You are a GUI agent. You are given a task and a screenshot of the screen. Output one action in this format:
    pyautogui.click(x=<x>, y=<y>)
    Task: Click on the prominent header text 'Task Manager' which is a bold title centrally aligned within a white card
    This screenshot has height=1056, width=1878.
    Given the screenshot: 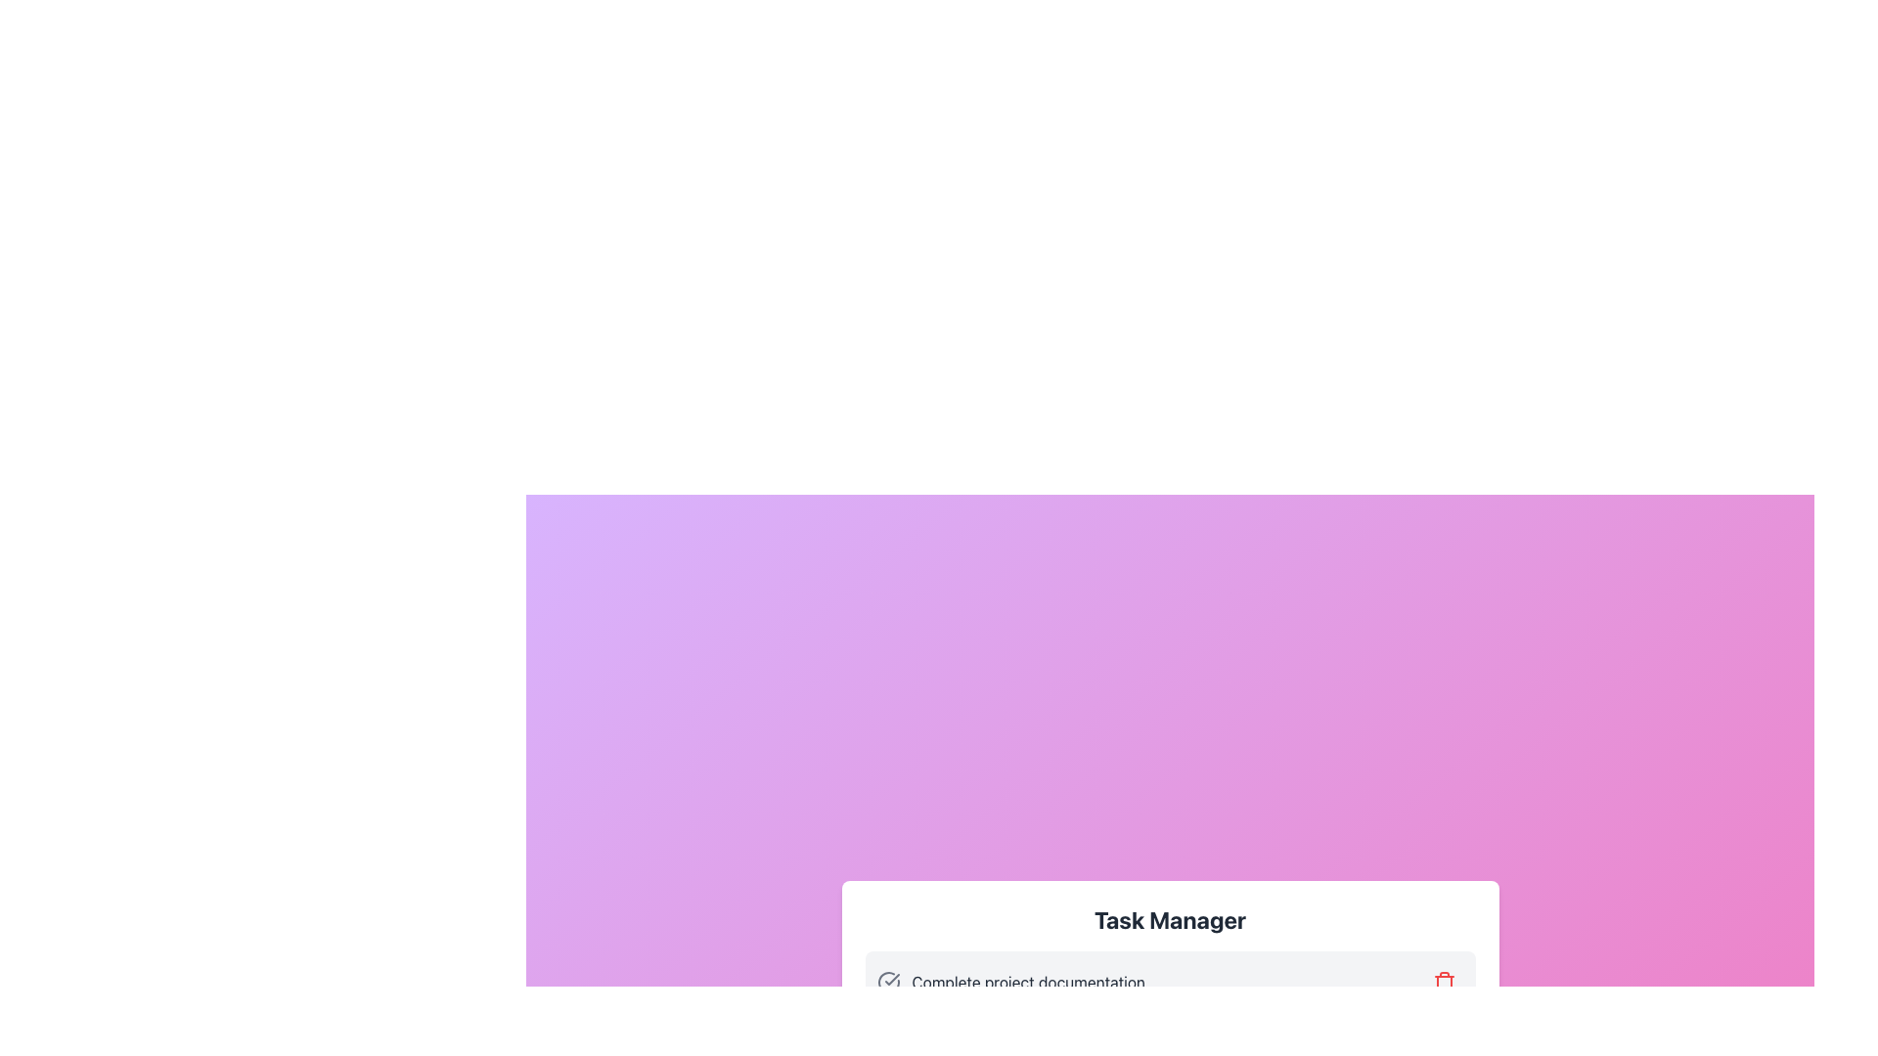 What is the action you would take?
    pyautogui.click(x=1170, y=920)
    